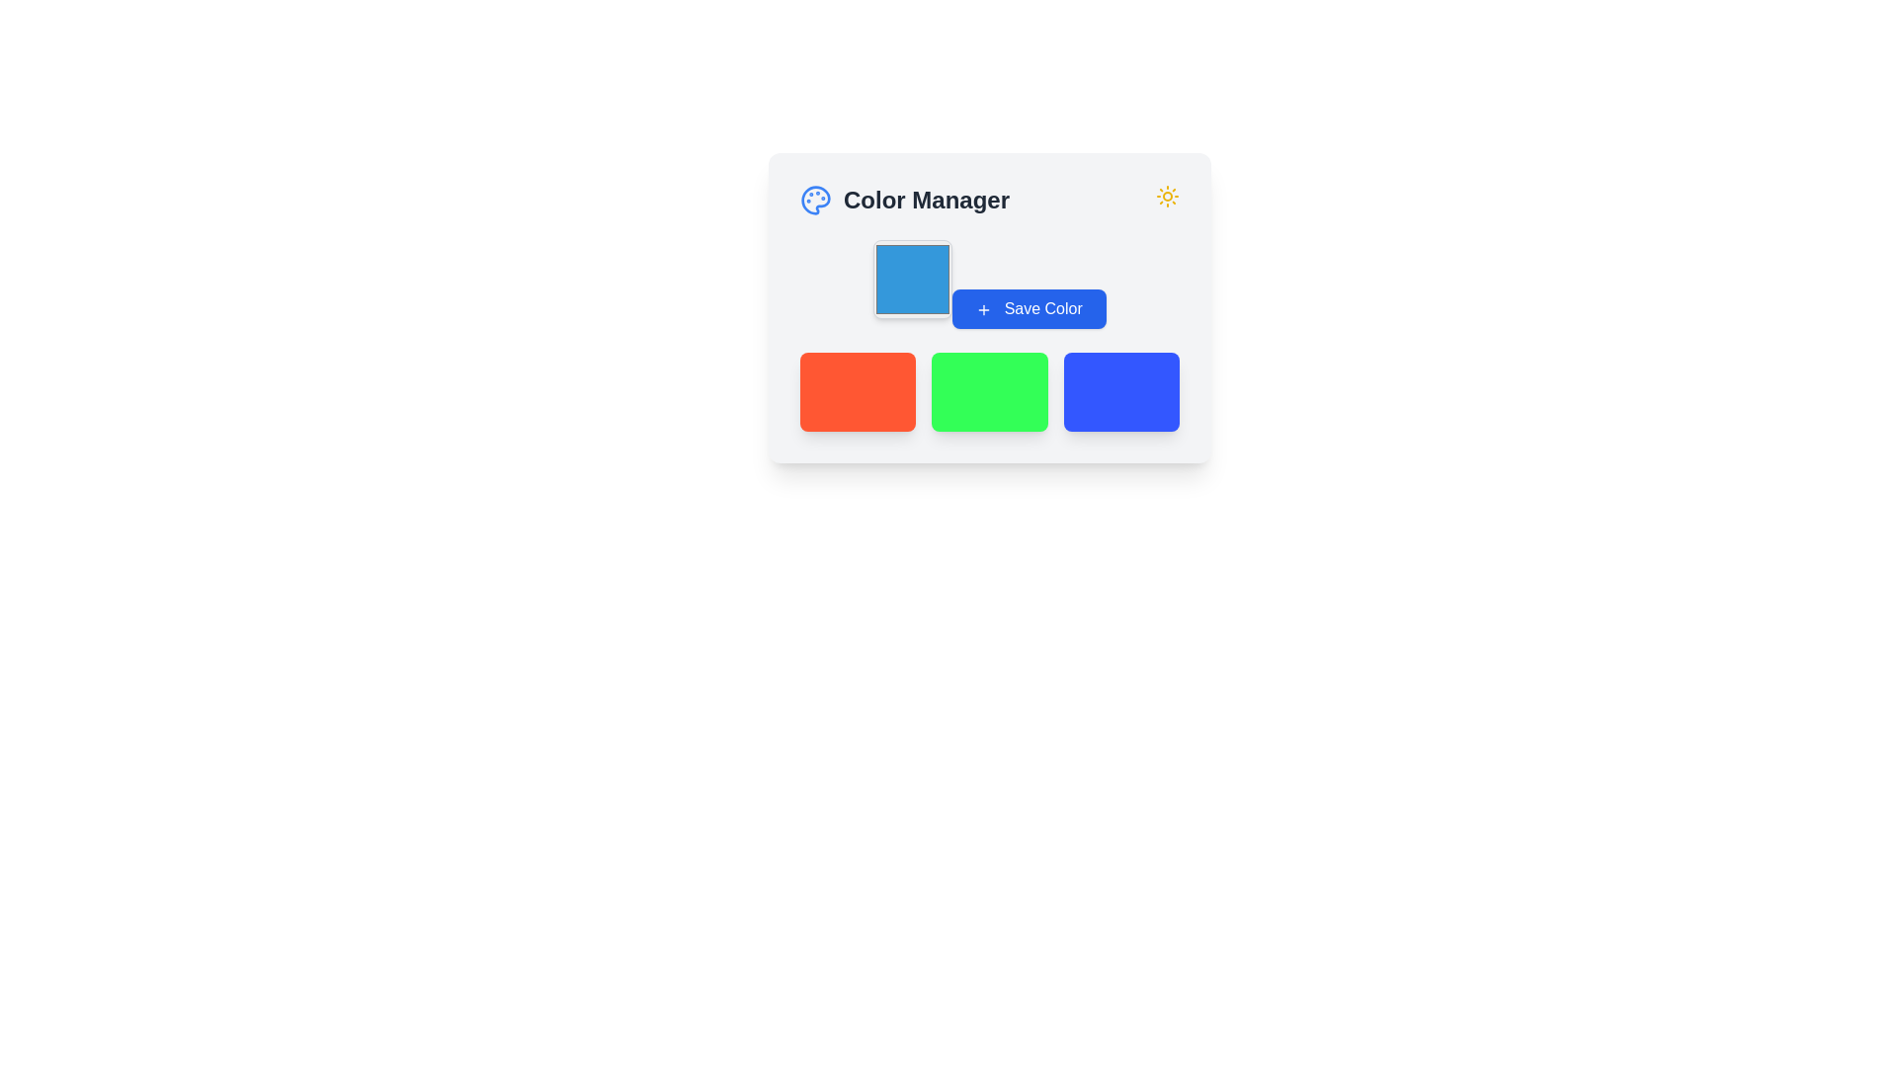 This screenshot has height=1067, width=1897. I want to click on the static text label indicating 'Color Manager' located to the right of the graphical color palette icon in the top region of the interface, so click(926, 201).